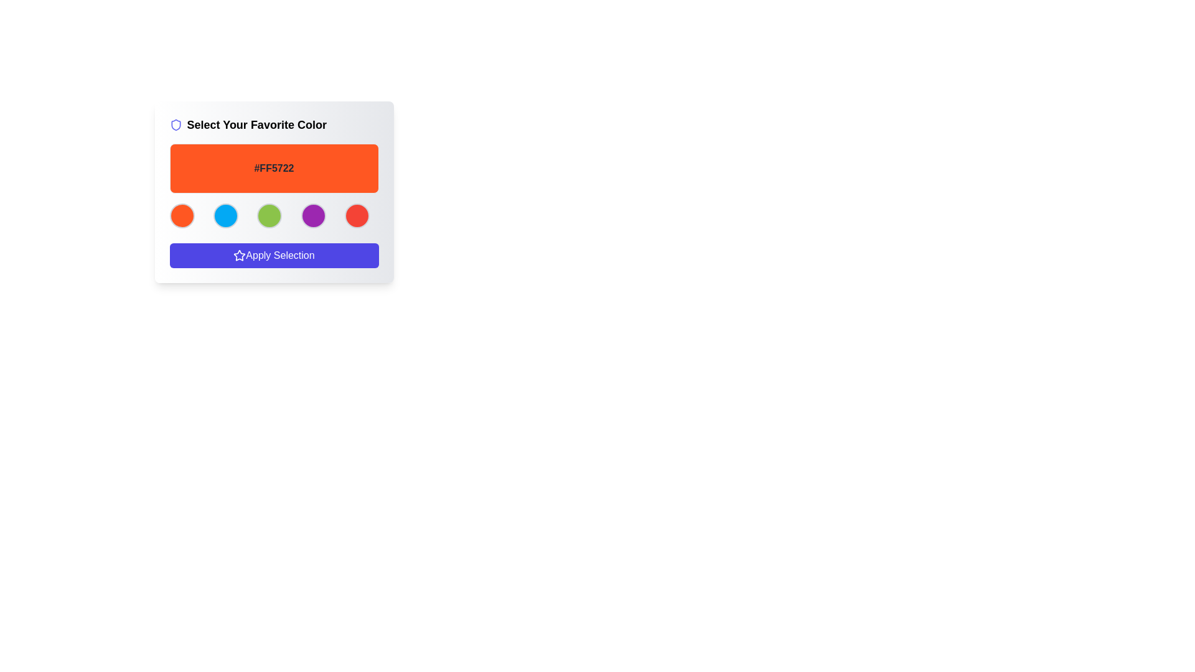 This screenshot has width=1195, height=672. Describe the element at coordinates (268, 215) in the screenshot. I see `the circular button with a green background, located between the blue button on the left and the purple button on the right` at that location.